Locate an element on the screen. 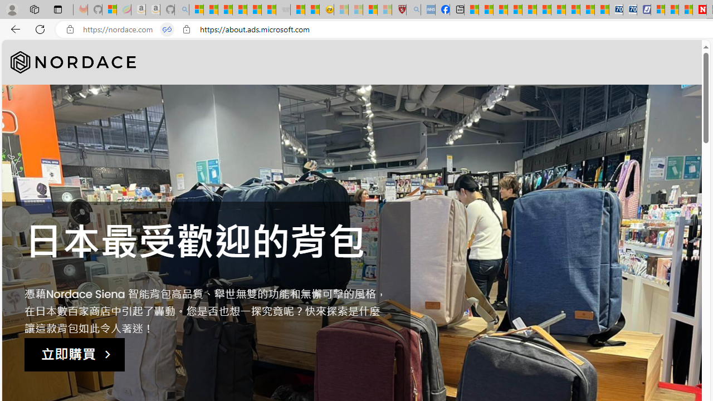 The image size is (713, 401). 'Newsweek - News, Analysis, Politics, Business, Technology' is located at coordinates (699, 9).